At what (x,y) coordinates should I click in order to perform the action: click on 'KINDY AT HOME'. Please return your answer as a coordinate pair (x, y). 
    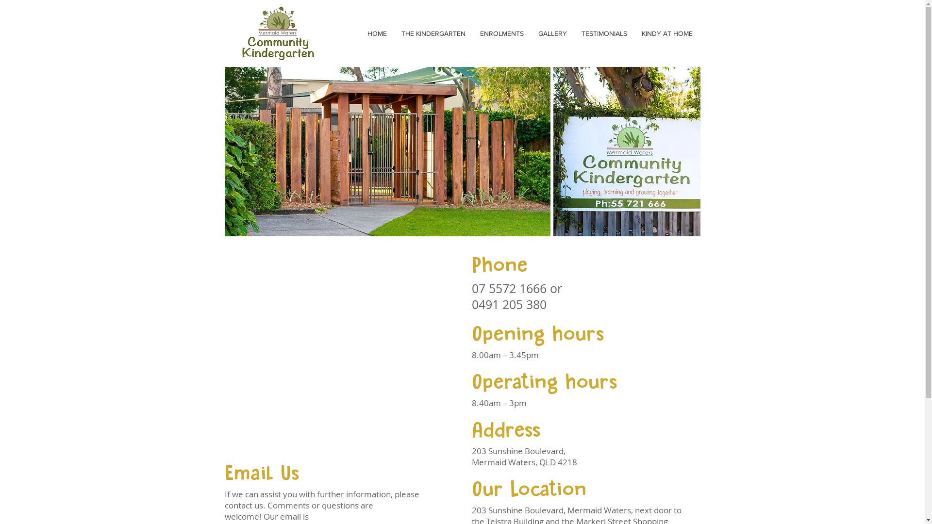
    Looking at the image, I should click on (666, 33).